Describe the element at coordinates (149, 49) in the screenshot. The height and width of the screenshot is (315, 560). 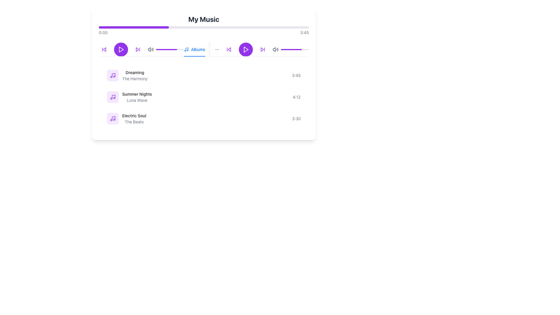
I see `the main speaker body icon in the volume control of the music player interface` at that location.